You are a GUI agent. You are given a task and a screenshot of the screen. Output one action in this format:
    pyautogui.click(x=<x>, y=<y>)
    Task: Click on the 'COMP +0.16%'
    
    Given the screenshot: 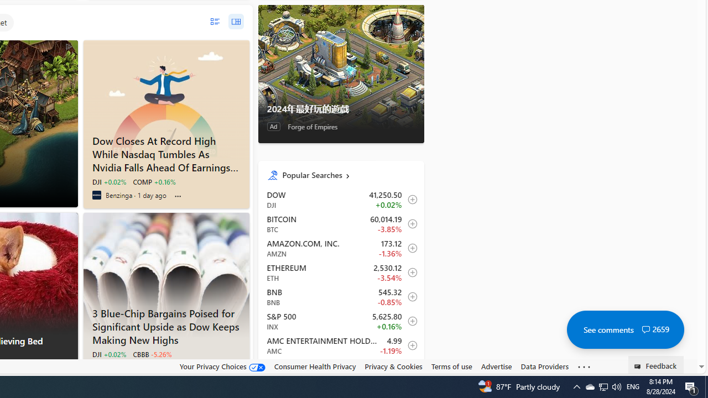 What is the action you would take?
    pyautogui.click(x=153, y=181)
    